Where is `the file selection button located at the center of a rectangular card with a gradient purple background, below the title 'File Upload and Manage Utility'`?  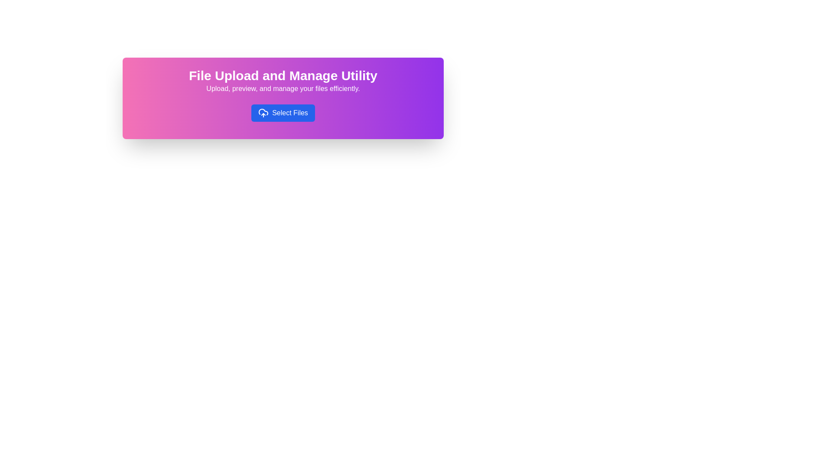 the file selection button located at the center of a rectangular card with a gradient purple background, below the title 'File Upload and Manage Utility' is located at coordinates (283, 113).